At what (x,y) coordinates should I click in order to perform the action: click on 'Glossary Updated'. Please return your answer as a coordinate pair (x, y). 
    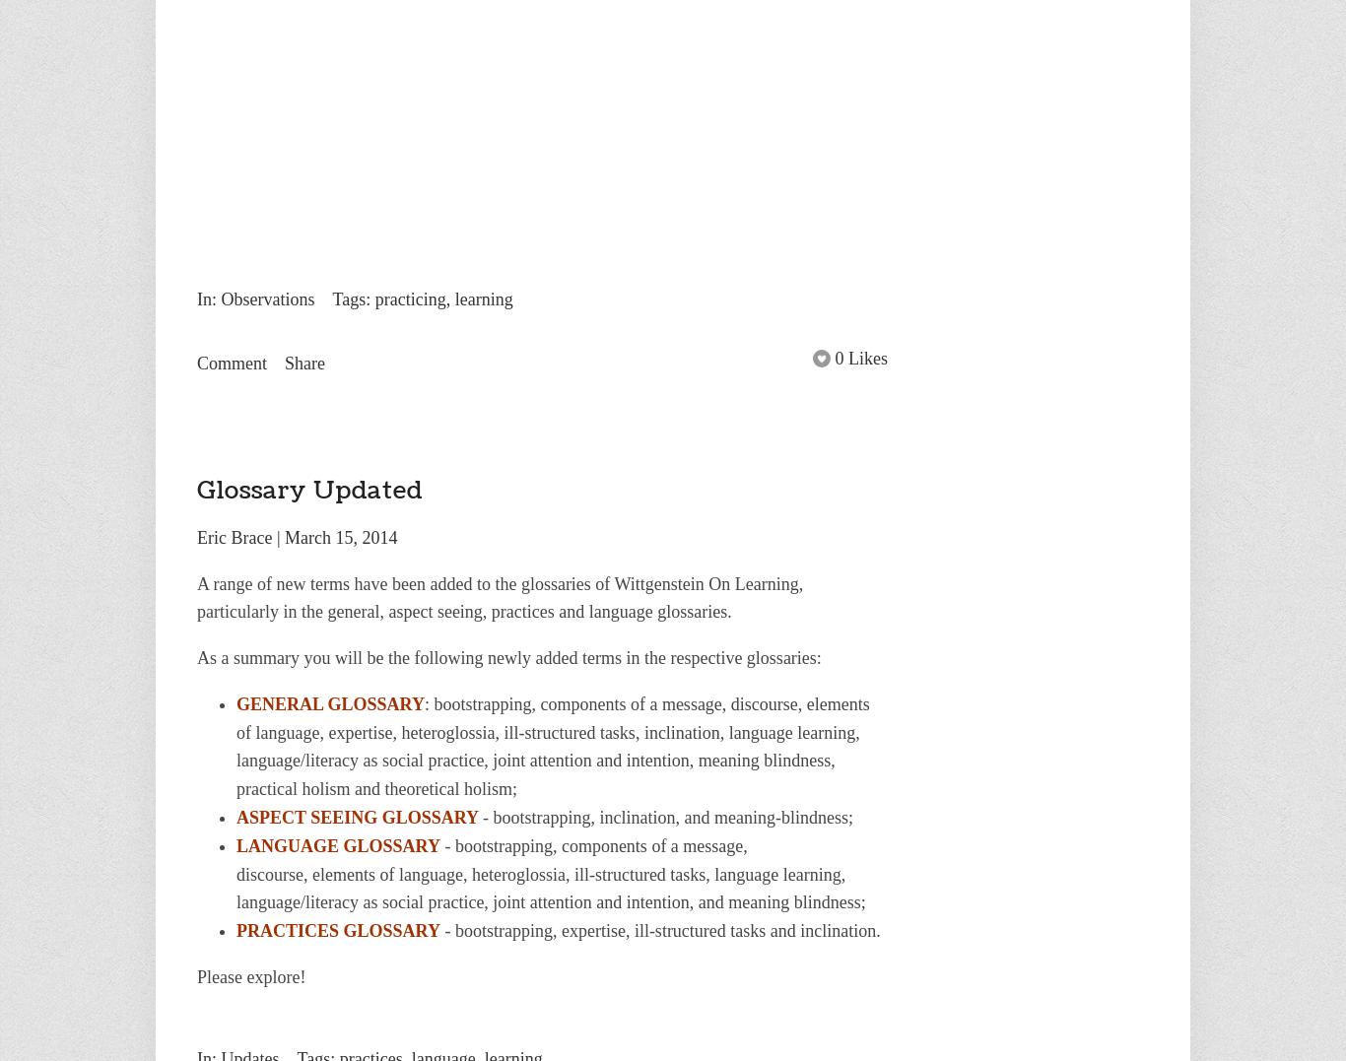
    Looking at the image, I should click on (309, 490).